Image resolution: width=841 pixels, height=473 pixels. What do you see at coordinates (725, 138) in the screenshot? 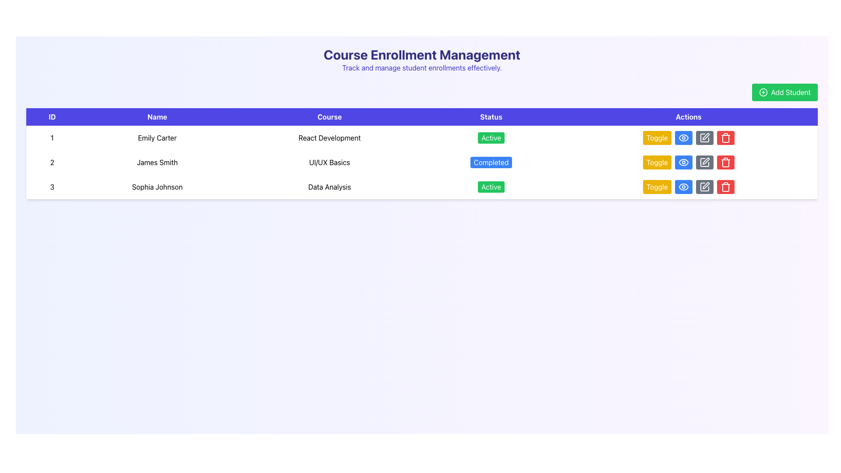
I see `the delete button in the 'Actions' column of the table for the entry 'Sophia Johnson'` at bounding box center [725, 138].